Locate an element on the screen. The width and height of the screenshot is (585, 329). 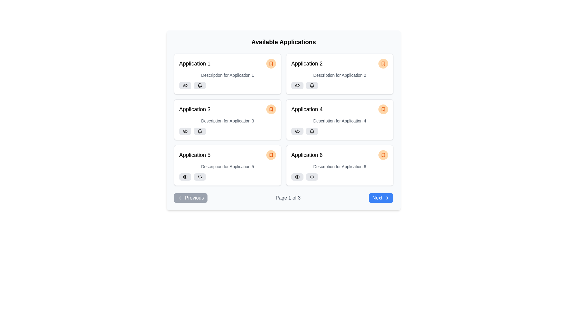
the orange bookmark icon located at the top-right corner of the 'Application 2' card is located at coordinates (383, 63).